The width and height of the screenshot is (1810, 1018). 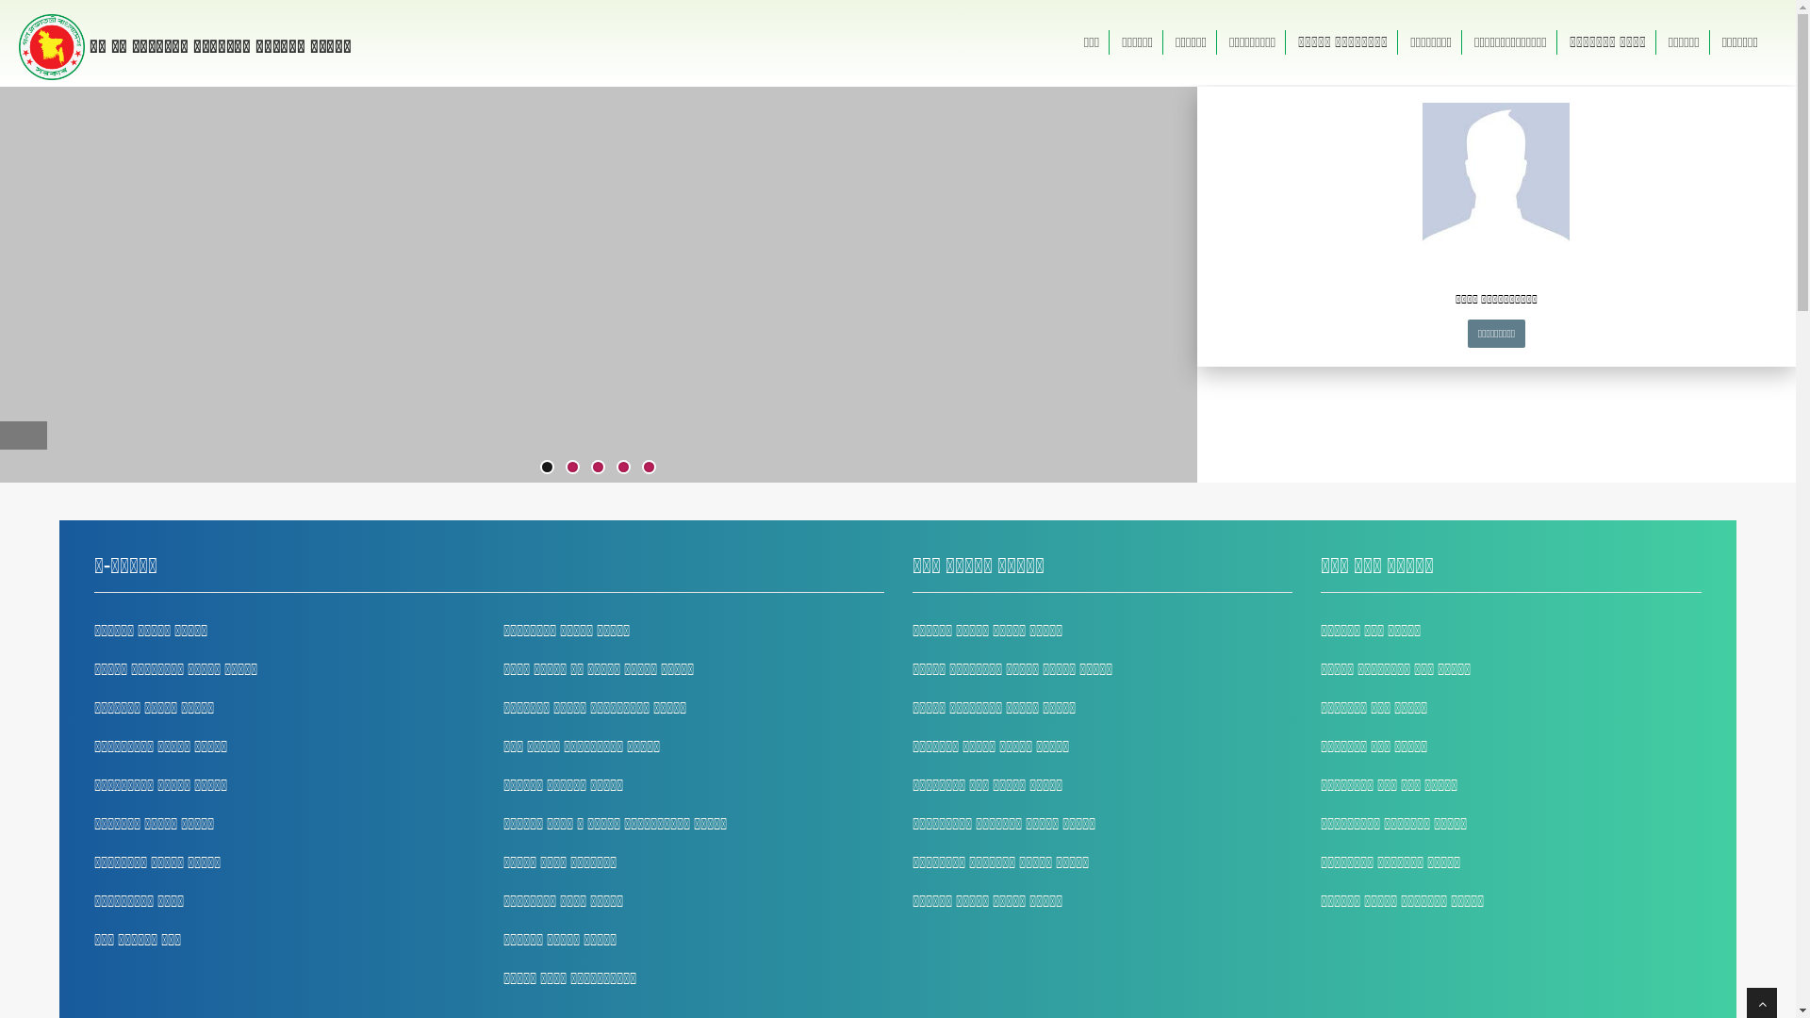 I want to click on '2', so click(x=571, y=467).